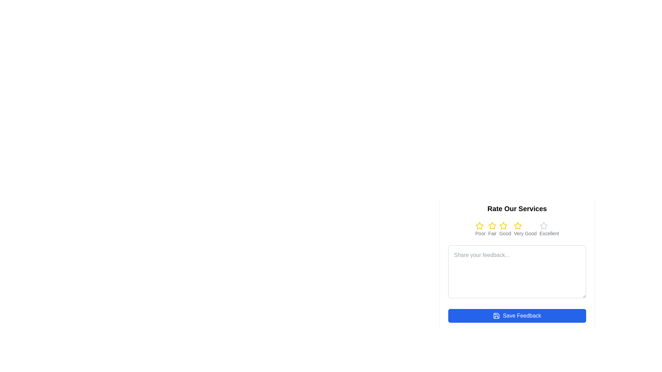 The height and width of the screenshot is (372, 662). What do you see at coordinates (505, 233) in the screenshot?
I see `the static text label that reads 'Good,' which is styled in a small, gray font and is the third label in a row of text-based rating options located below a row of star icons` at bounding box center [505, 233].